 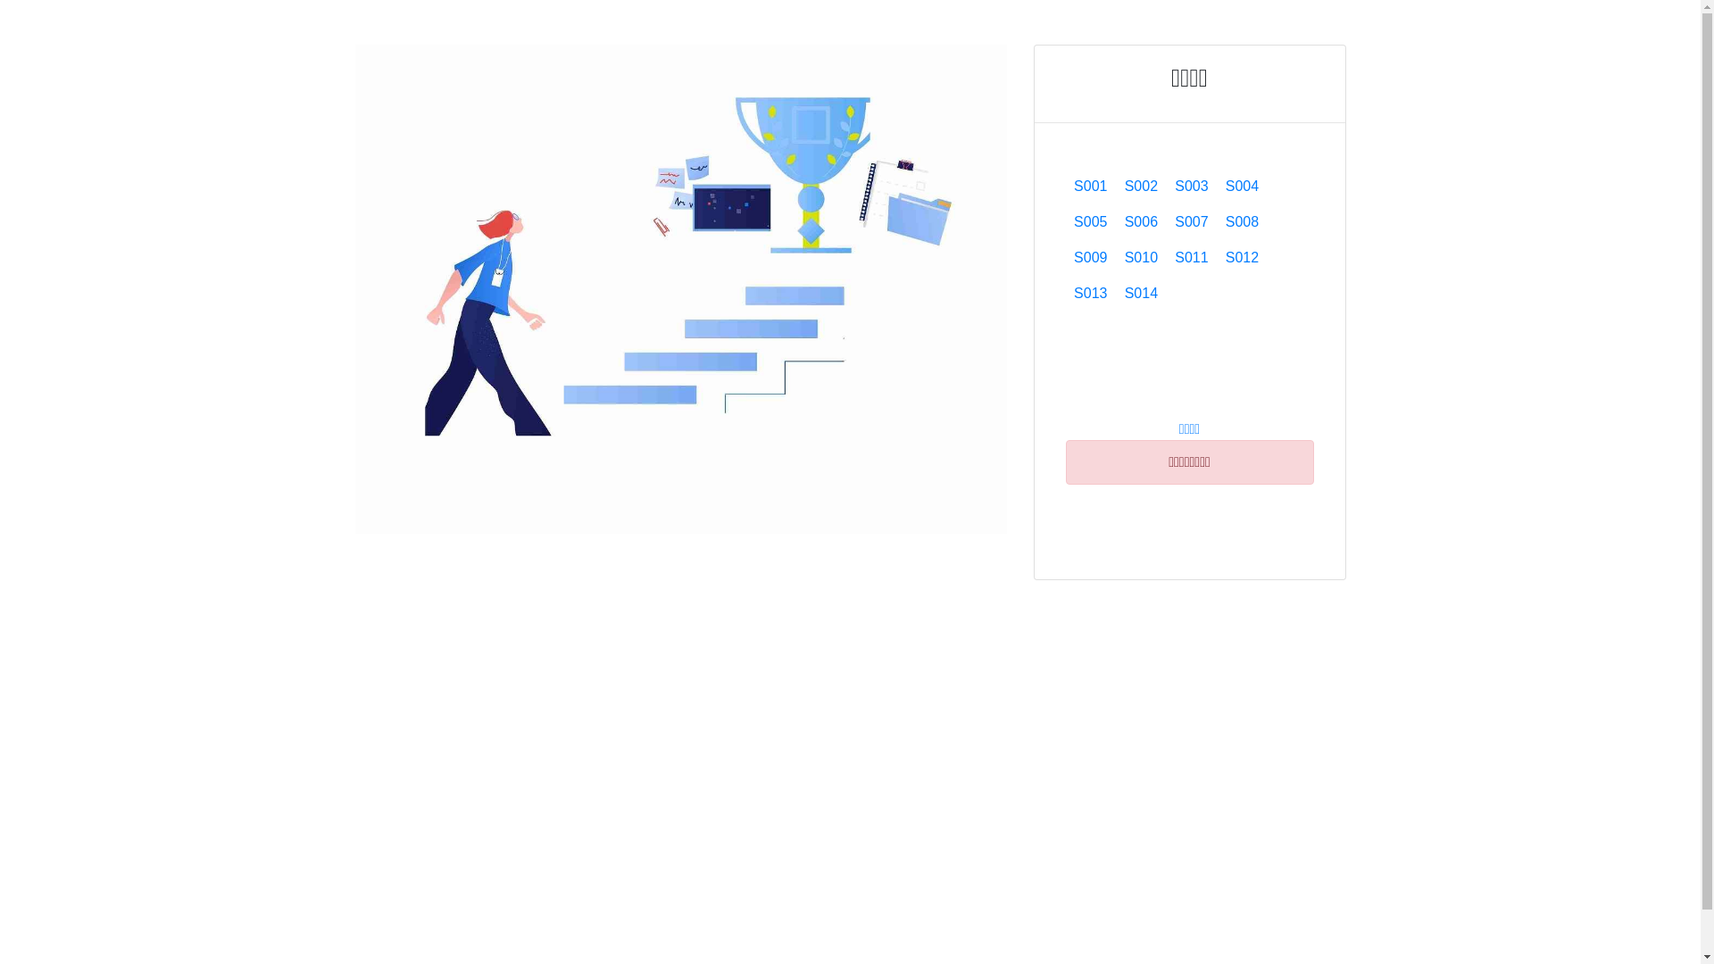 What do you see at coordinates (1090, 186) in the screenshot?
I see `'S001'` at bounding box center [1090, 186].